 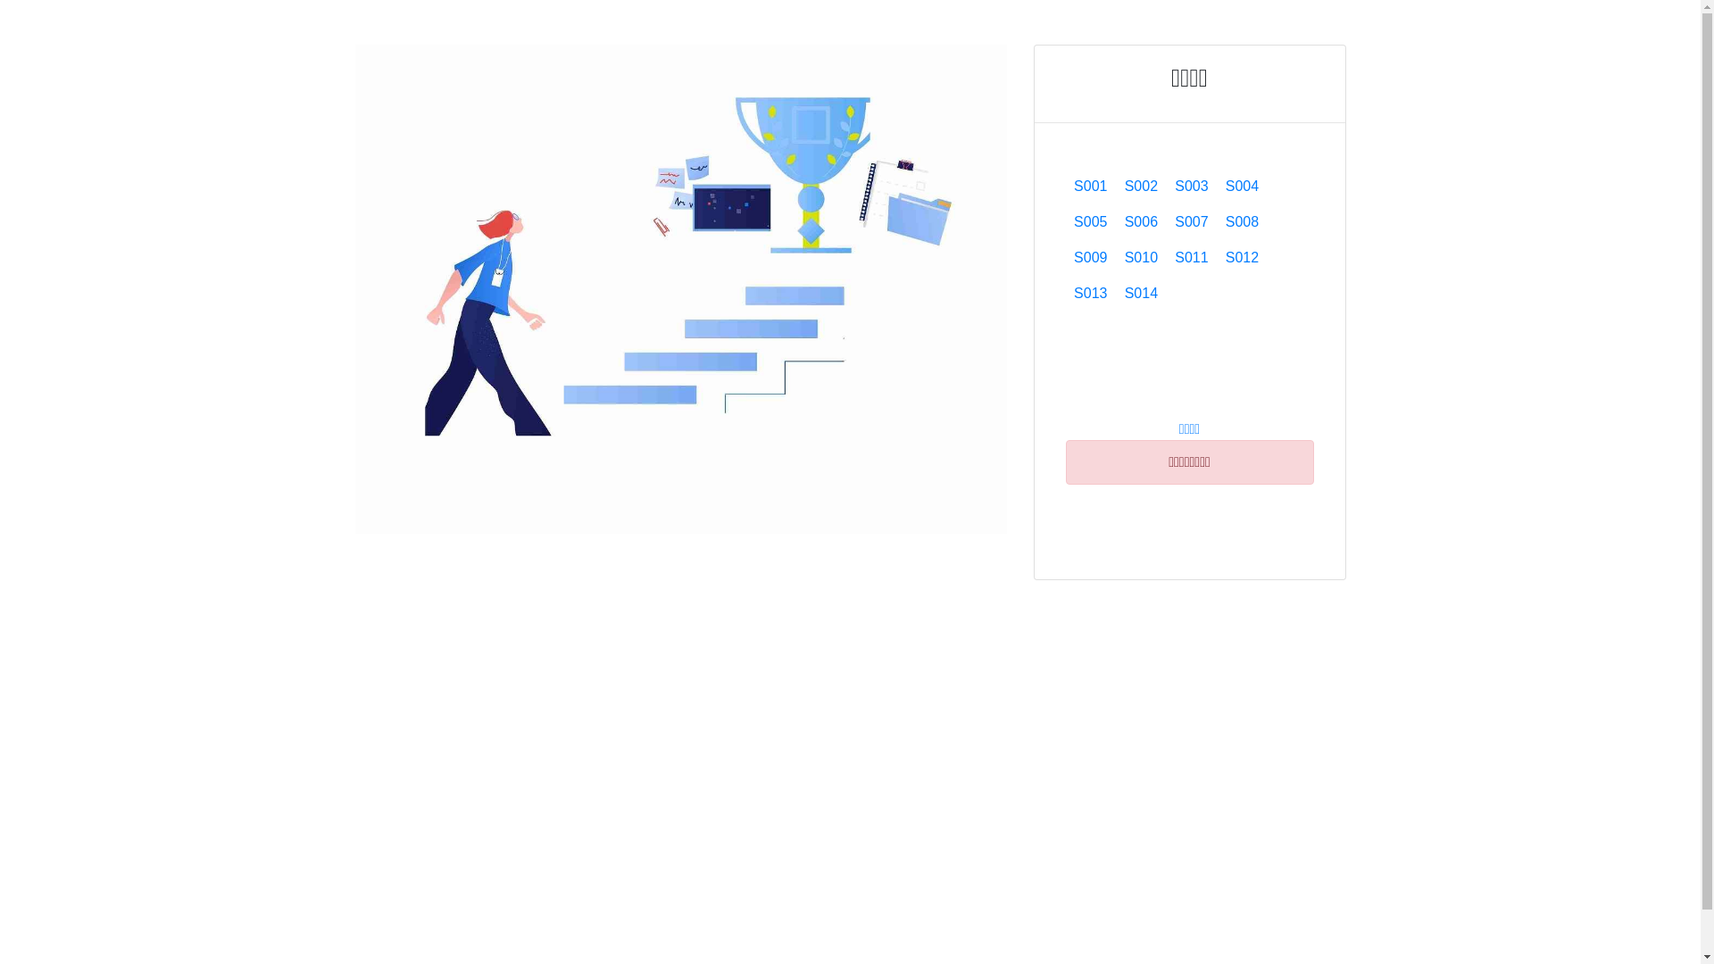 What do you see at coordinates (1090, 186) in the screenshot?
I see `'S001'` at bounding box center [1090, 186].